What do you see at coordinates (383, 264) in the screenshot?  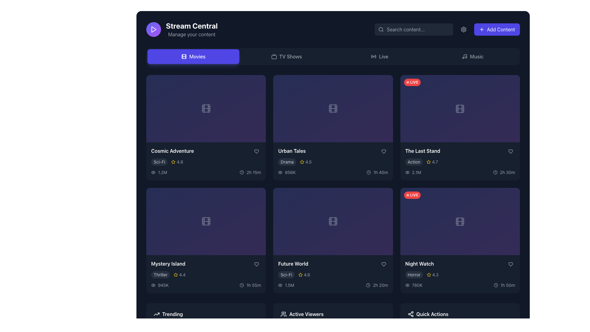 I see `the heart icon button in the 'Future World' card located in the second row and third column of the media grid to mark the item as favorite` at bounding box center [383, 264].